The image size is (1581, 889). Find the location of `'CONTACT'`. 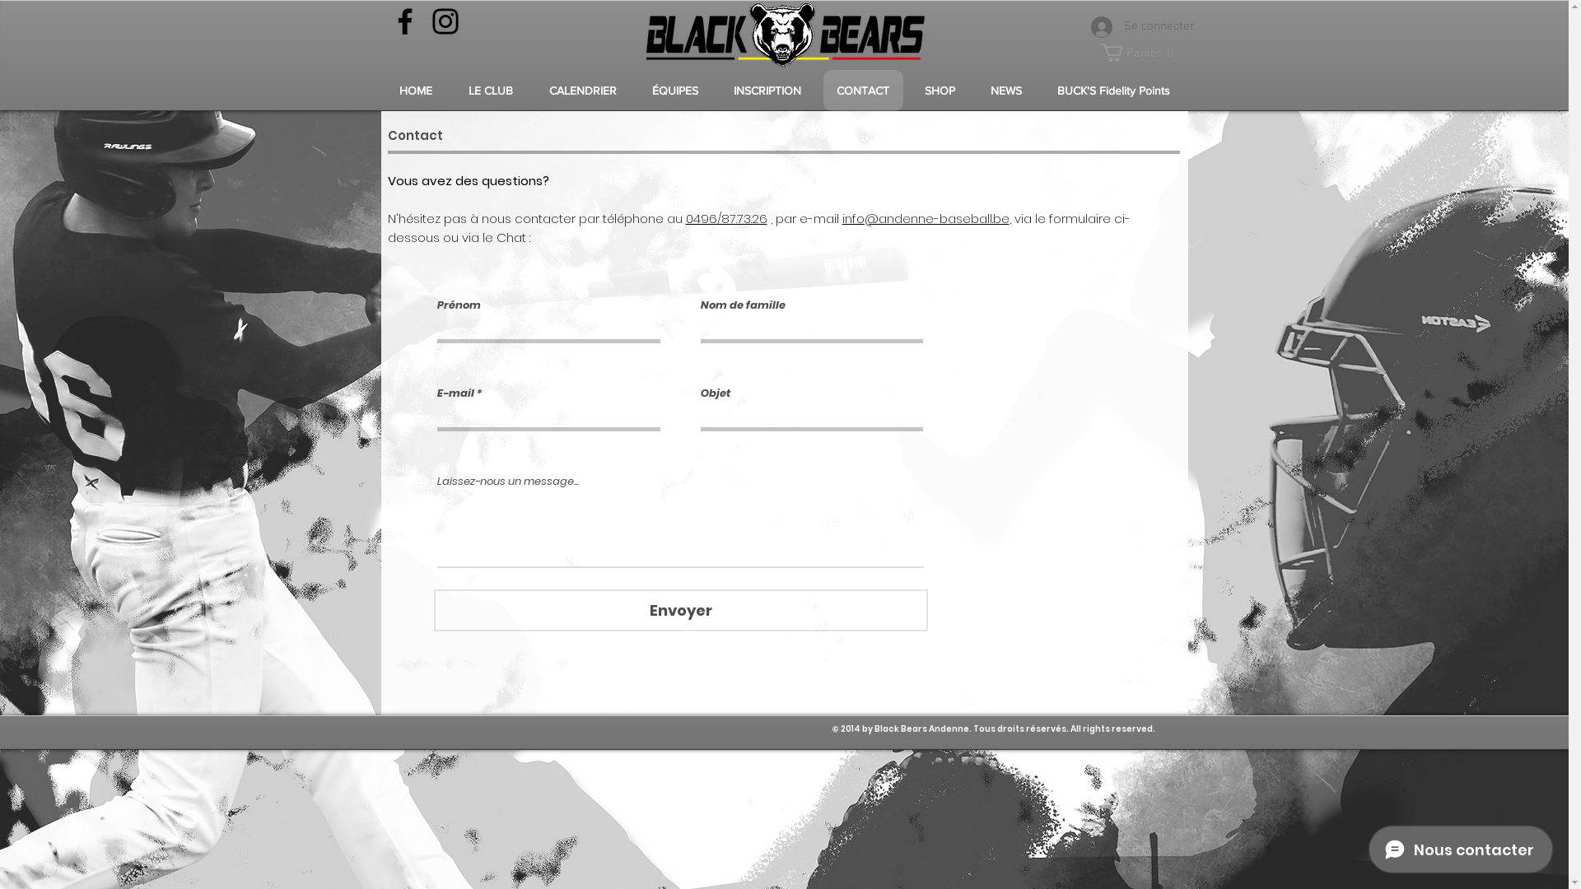

'CONTACT' is located at coordinates (862, 91).